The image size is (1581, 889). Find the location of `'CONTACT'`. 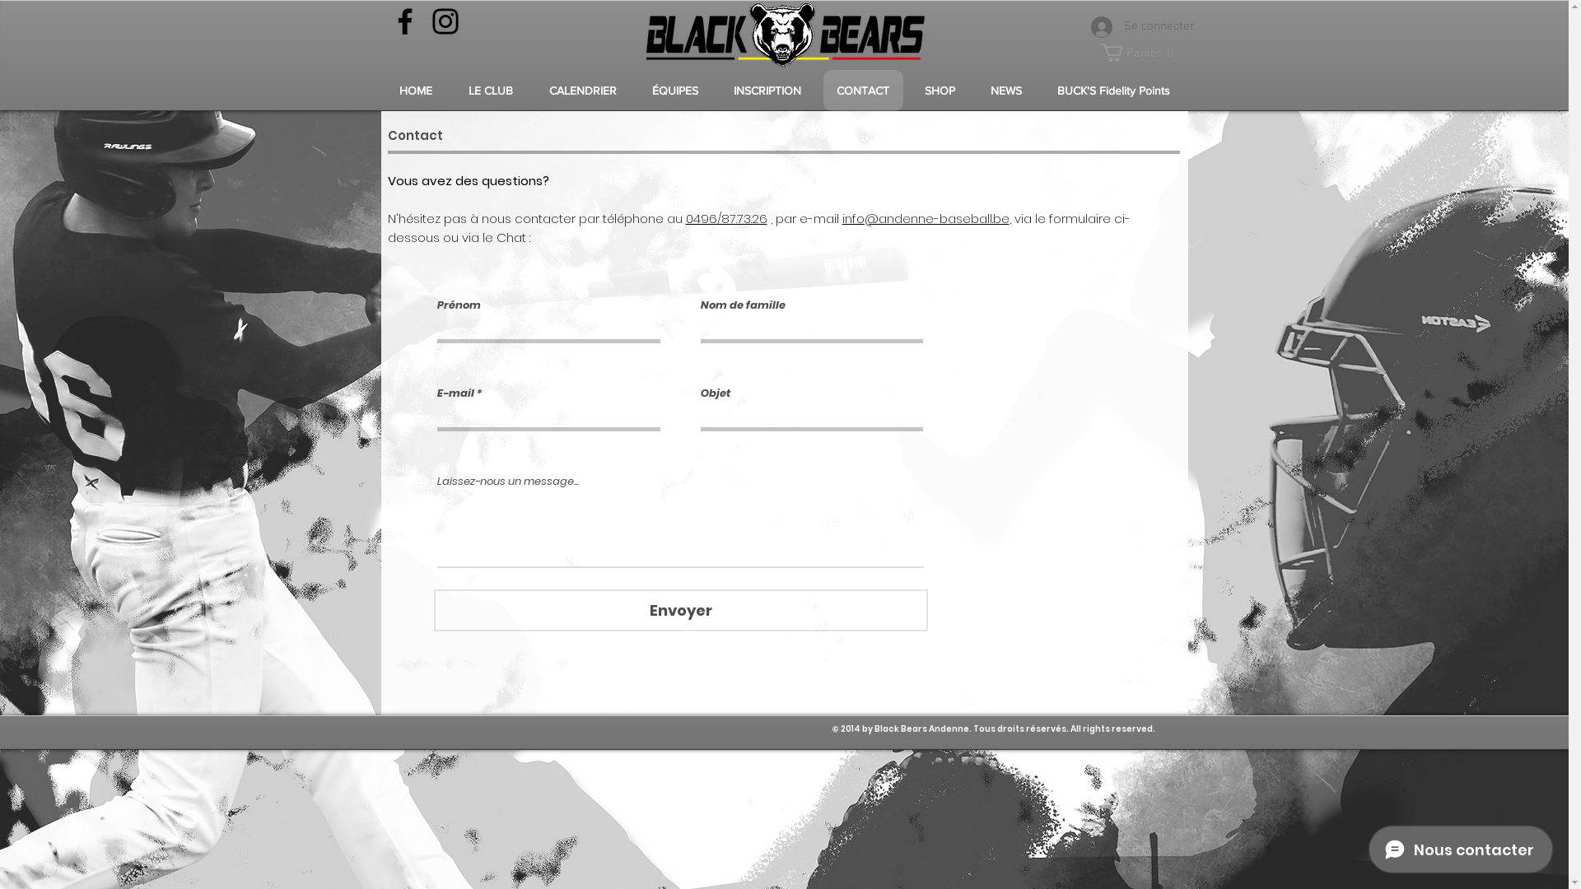

'CONTACT' is located at coordinates (862, 91).